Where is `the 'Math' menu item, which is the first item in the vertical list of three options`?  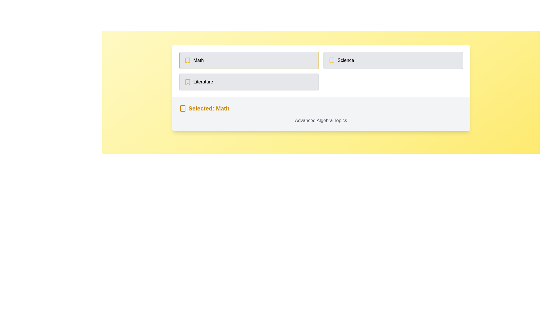
the 'Math' menu item, which is the first item in the vertical list of three options is located at coordinates (249, 60).